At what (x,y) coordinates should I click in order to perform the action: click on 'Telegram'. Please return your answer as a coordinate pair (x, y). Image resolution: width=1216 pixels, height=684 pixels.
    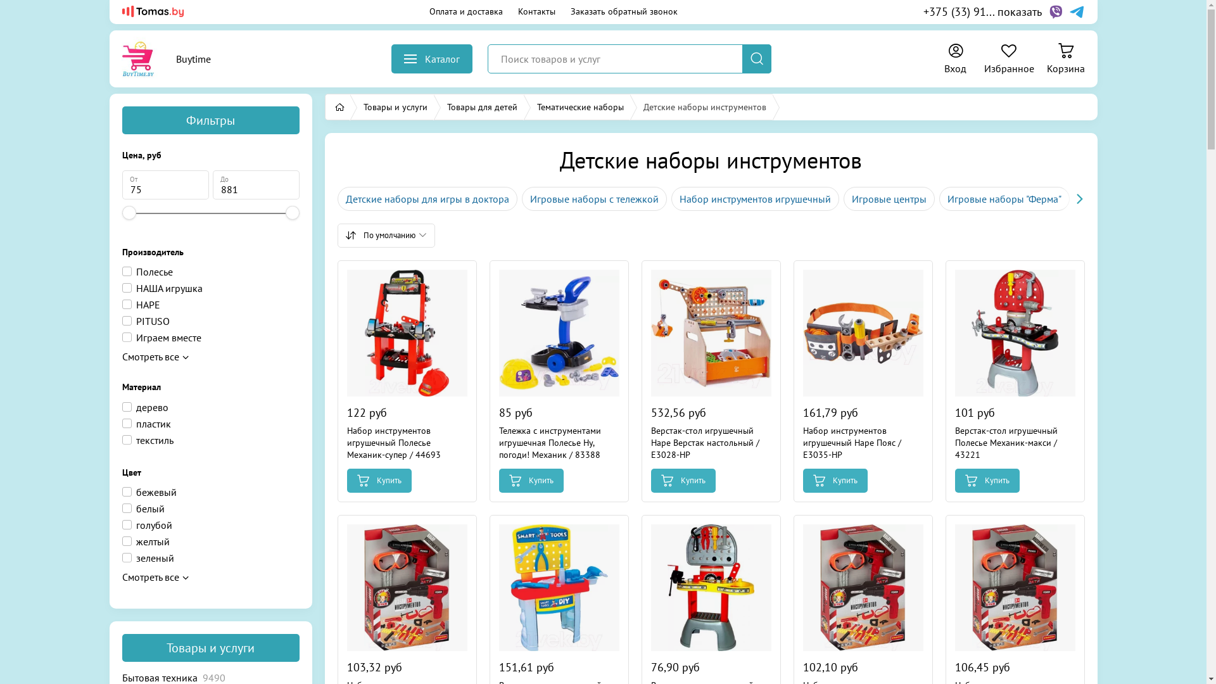
    Looking at the image, I should click on (1075, 12).